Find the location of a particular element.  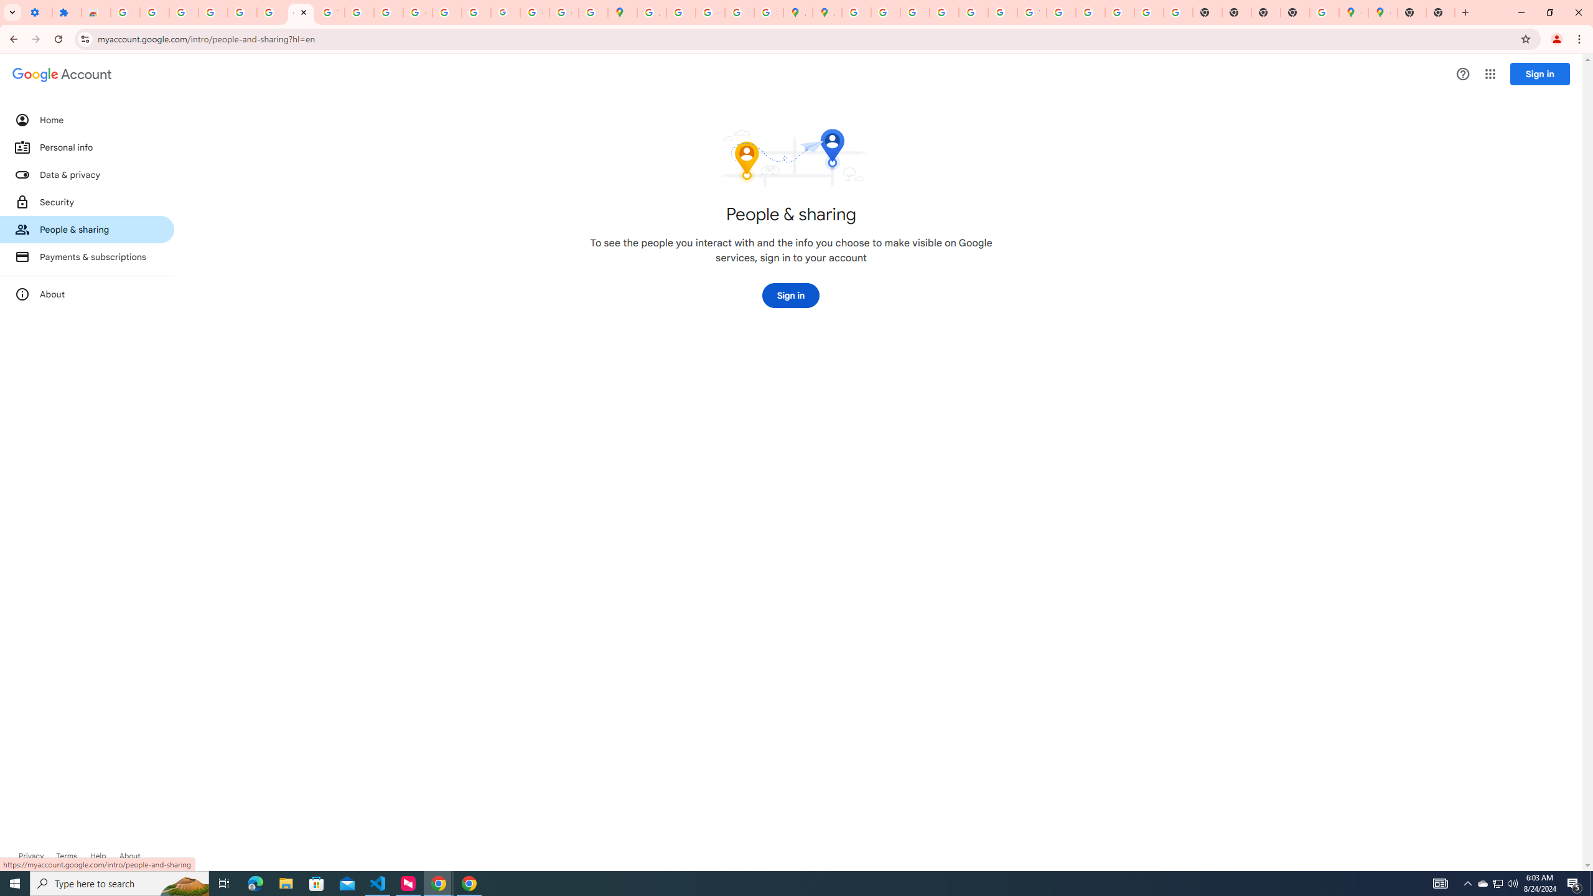

'New Tab' is located at coordinates (1411, 12).